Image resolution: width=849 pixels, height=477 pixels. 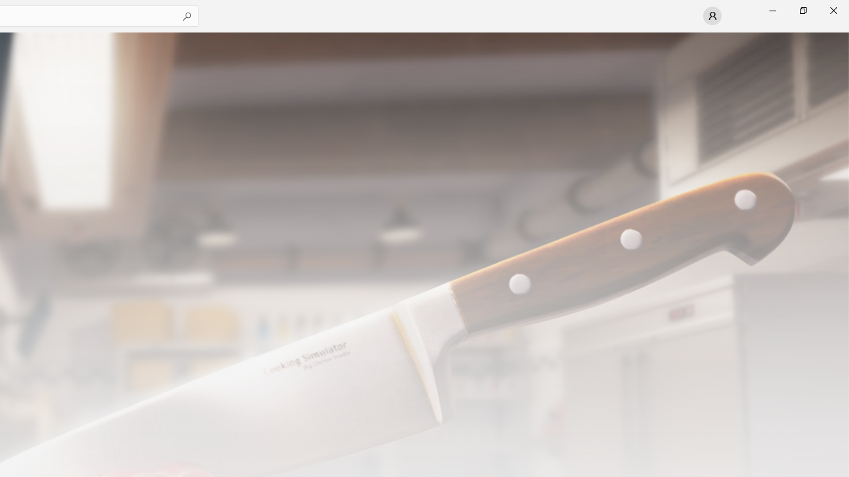 What do you see at coordinates (711, 16) in the screenshot?
I see `'User profile'` at bounding box center [711, 16].